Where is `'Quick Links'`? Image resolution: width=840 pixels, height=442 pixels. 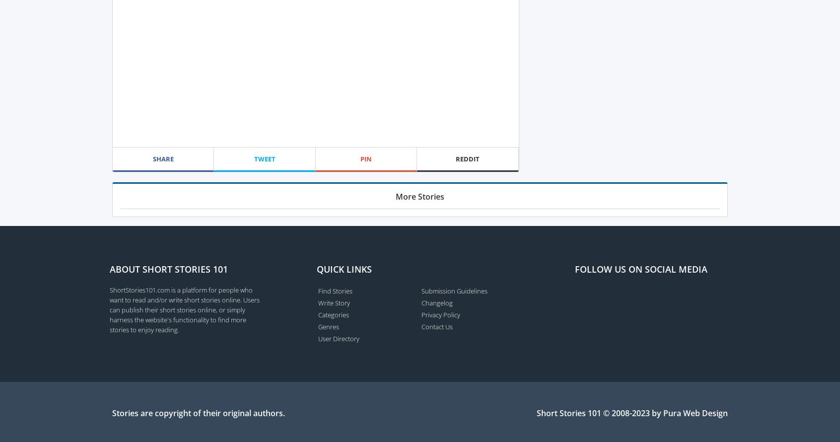
'Quick Links' is located at coordinates (316, 268).